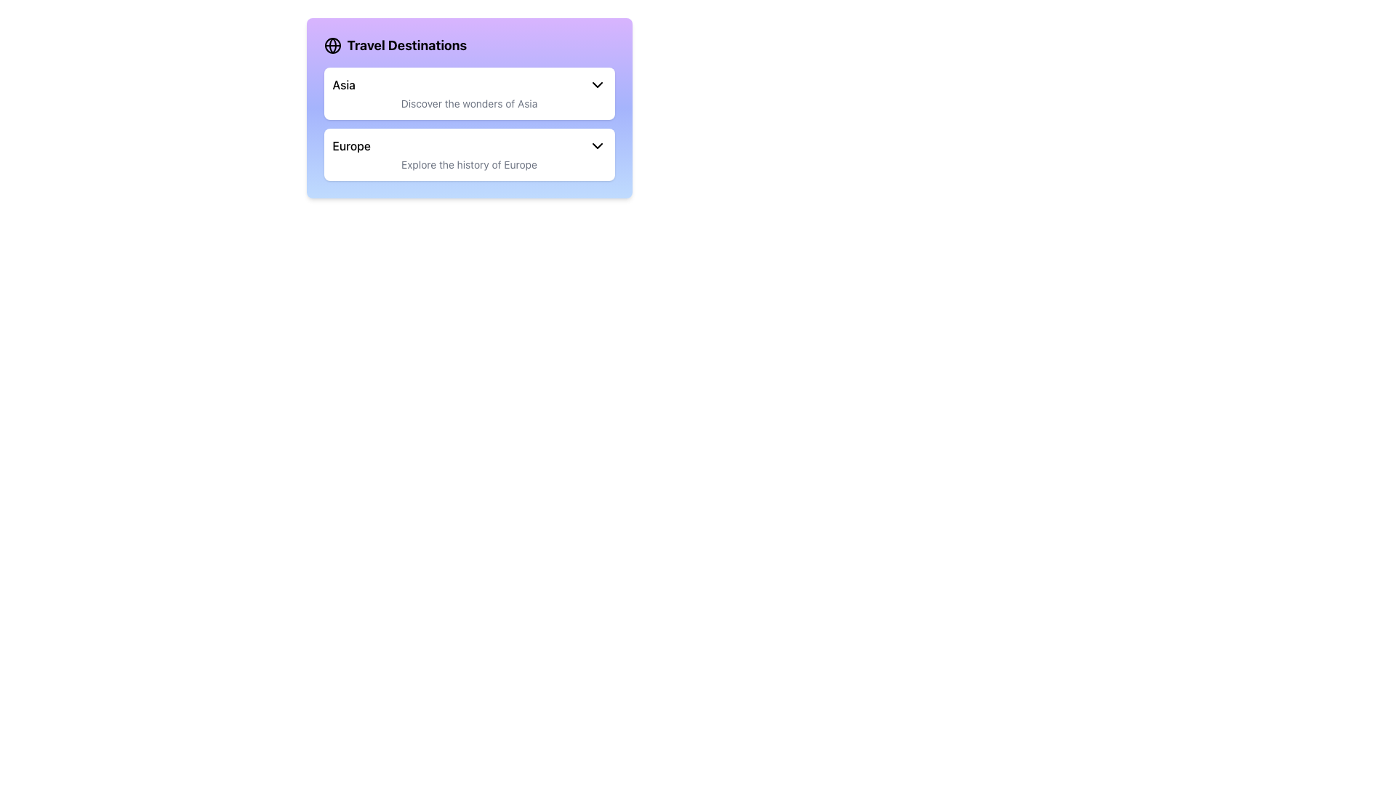 Image resolution: width=1396 pixels, height=785 pixels. I want to click on the dropdown icon for 'Asia' in the 'Travel Destinations' section, so click(597, 84).